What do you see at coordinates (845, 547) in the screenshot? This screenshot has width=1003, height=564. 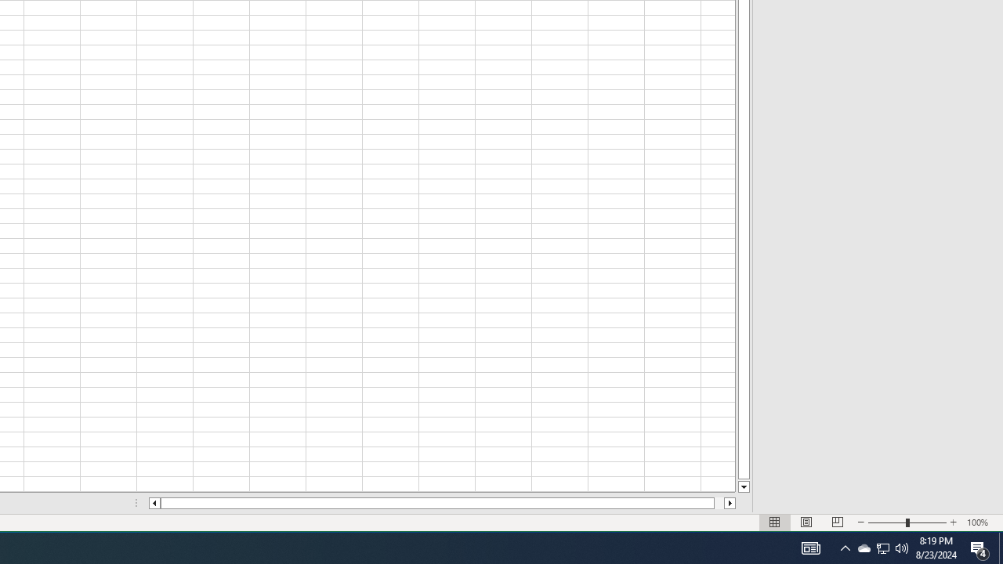 I see `'Notification Chevron'` at bounding box center [845, 547].